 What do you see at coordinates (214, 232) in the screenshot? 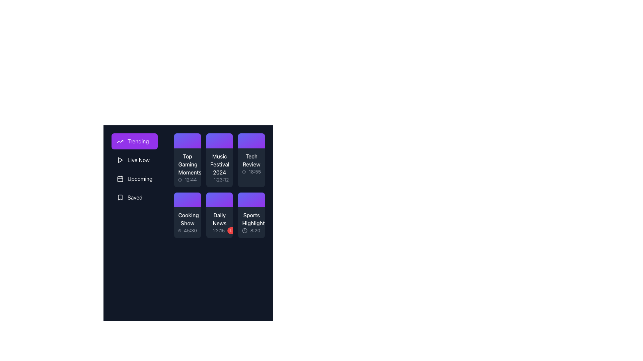
I see `the circular clock icon located within the 'Daily News' section` at bounding box center [214, 232].